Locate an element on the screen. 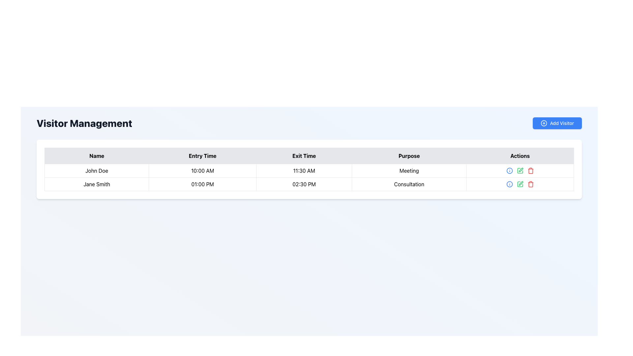 The width and height of the screenshot is (633, 356). the second button from the left is located at coordinates (509, 170).